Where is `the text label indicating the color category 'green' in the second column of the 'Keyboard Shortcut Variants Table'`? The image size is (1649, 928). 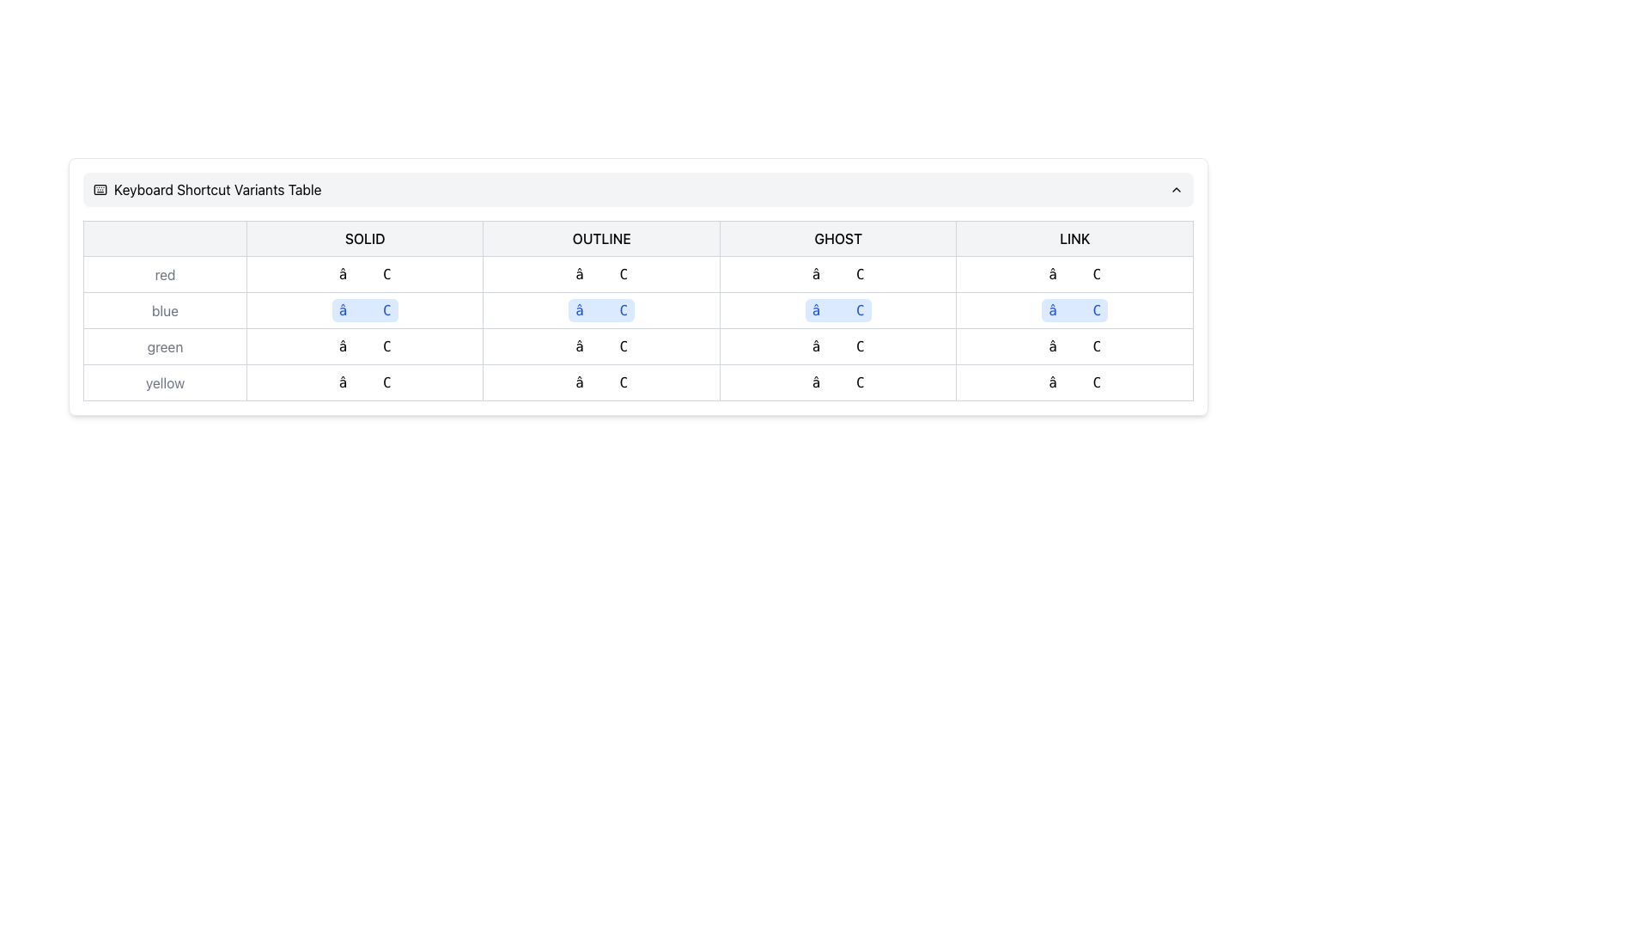 the text label indicating the color category 'green' in the second column of the 'Keyboard Shortcut Variants Table' is located at coordinates (165, 346).